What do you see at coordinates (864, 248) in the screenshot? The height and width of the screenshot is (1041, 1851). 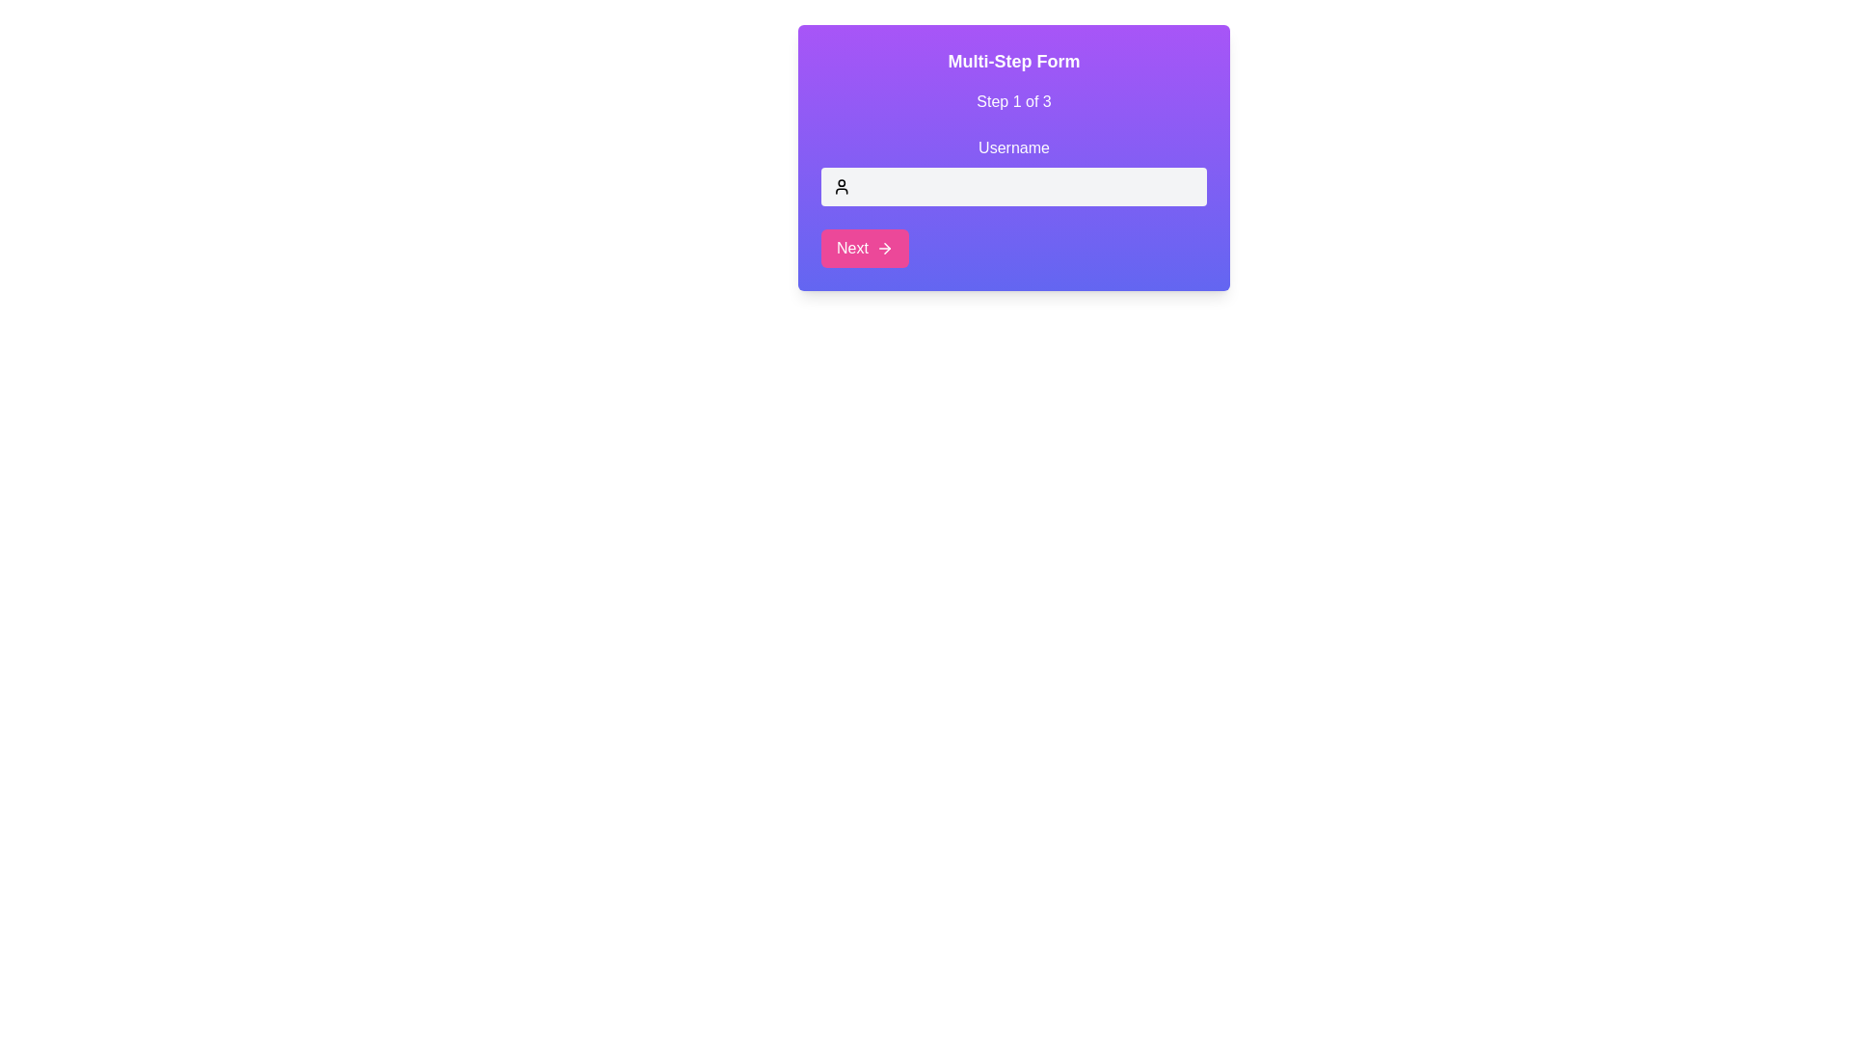 I see `the button with rounded corners and a gradient pink background labeled 'Next' to change its appearance` at bounding box center [864, 248].